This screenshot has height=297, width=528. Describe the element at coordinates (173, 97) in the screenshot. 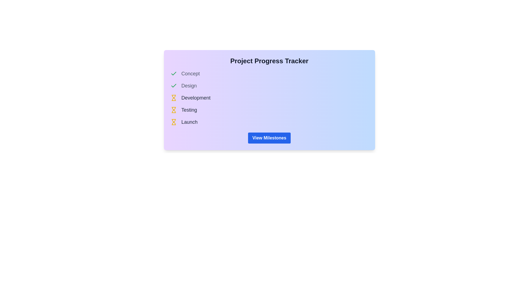

I see `the hourglass icon located to the left of the 'Development' text in the Project Progress Tracker, indicating the current stage is in progress` at that location.